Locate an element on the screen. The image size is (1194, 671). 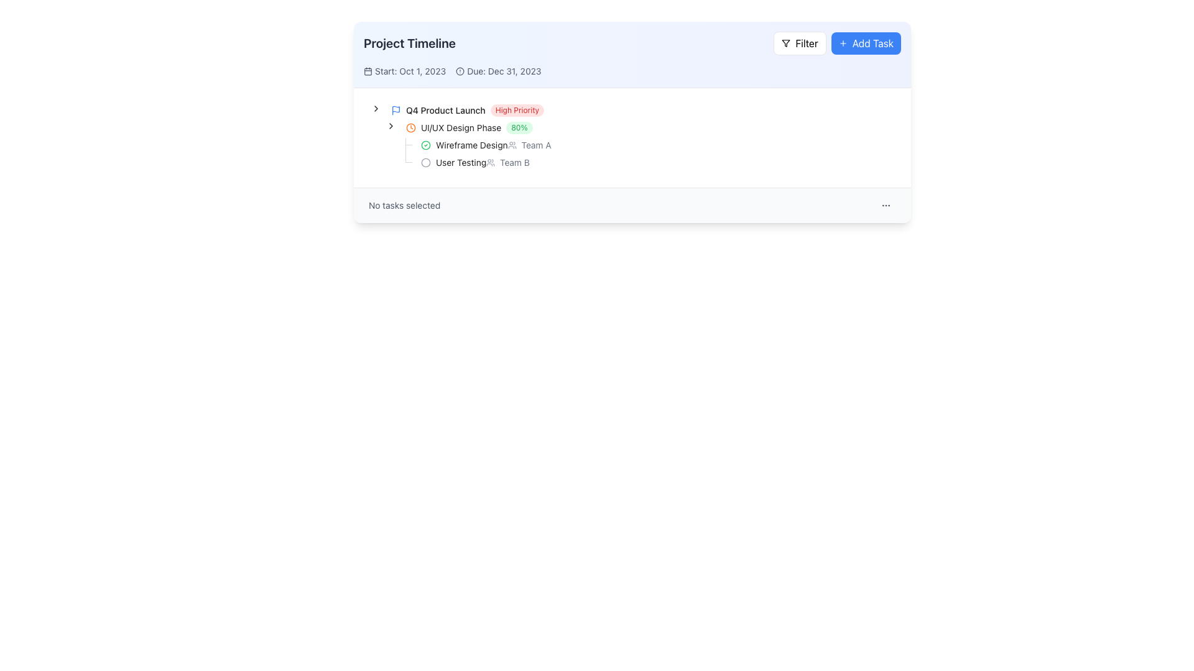
the alert icon, which is a small circular icon with a hollow outline and centered exclamation mark, located to the left of the text 'Due: Dec 31, 2023' in the header section of the Project Timeline interface is located at coordinates (460, 71).